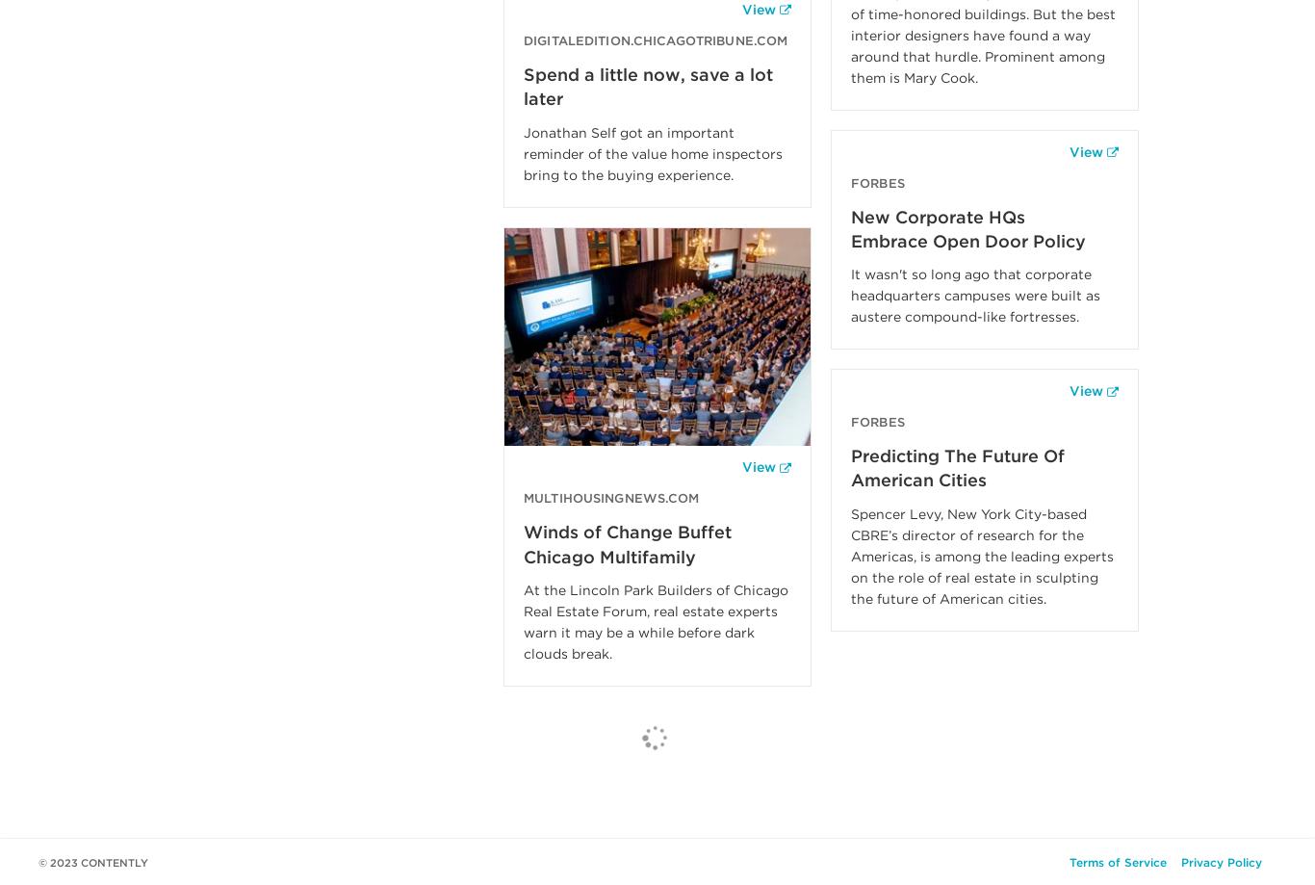 The height and width of the screenshot is (885, 1315). I want to click on 'It wasn't so long ago that corporate headquarters campuses were built as austere compound-like fortresses.', so click(975, 295).